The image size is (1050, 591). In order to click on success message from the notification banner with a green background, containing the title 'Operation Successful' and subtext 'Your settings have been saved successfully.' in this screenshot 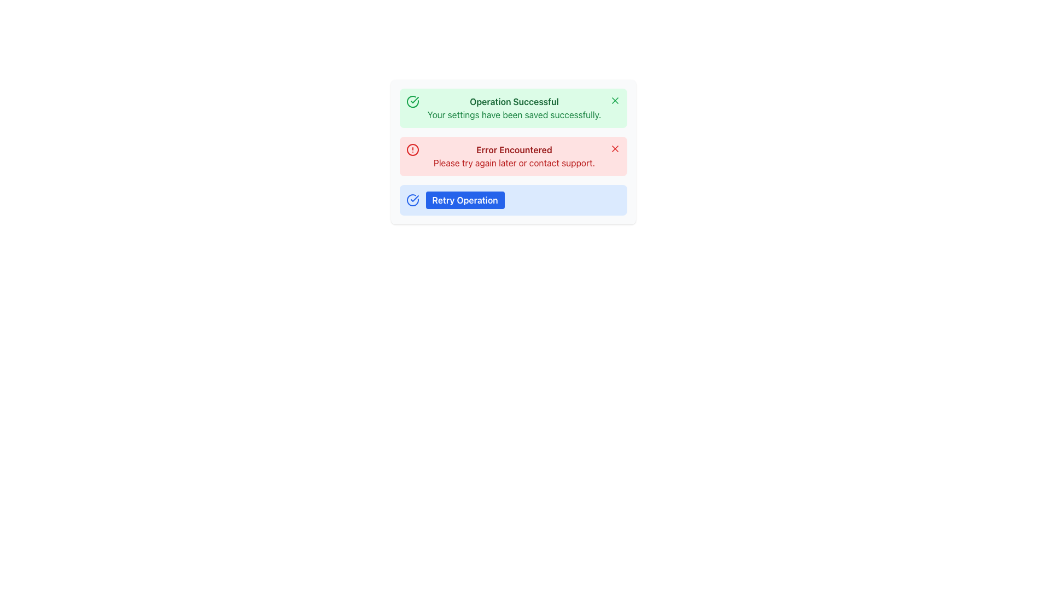, I will do `click(512, 108)`.